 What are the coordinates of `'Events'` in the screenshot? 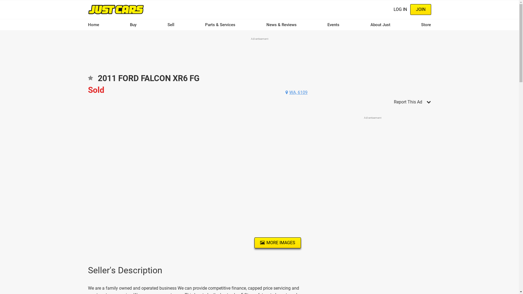 It's located at (333, 25).